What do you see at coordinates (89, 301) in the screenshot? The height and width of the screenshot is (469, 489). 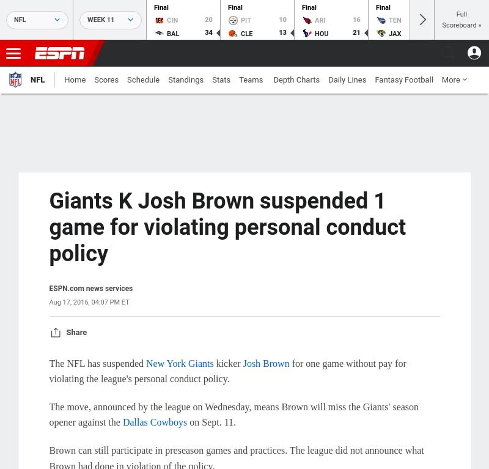 I see `'Aug 17, 2016, 04:07 PM ET'` at bounding box center [89, 301].